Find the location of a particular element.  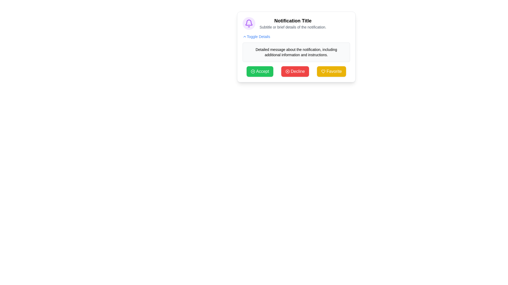

the heading text displaying 'Notification Title', which is styled in bold and larger font, located at the top center of the notification card is located at coordinates (293, 20).